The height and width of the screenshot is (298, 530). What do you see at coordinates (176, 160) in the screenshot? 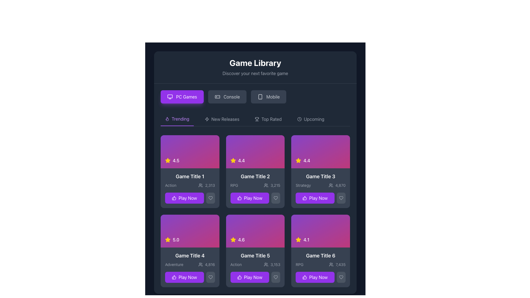
I see `the text element displaying '4.5' in white font, located to the right of a yellow star icon under the 'Game Title 1' card` at bounding box center [176, 160].